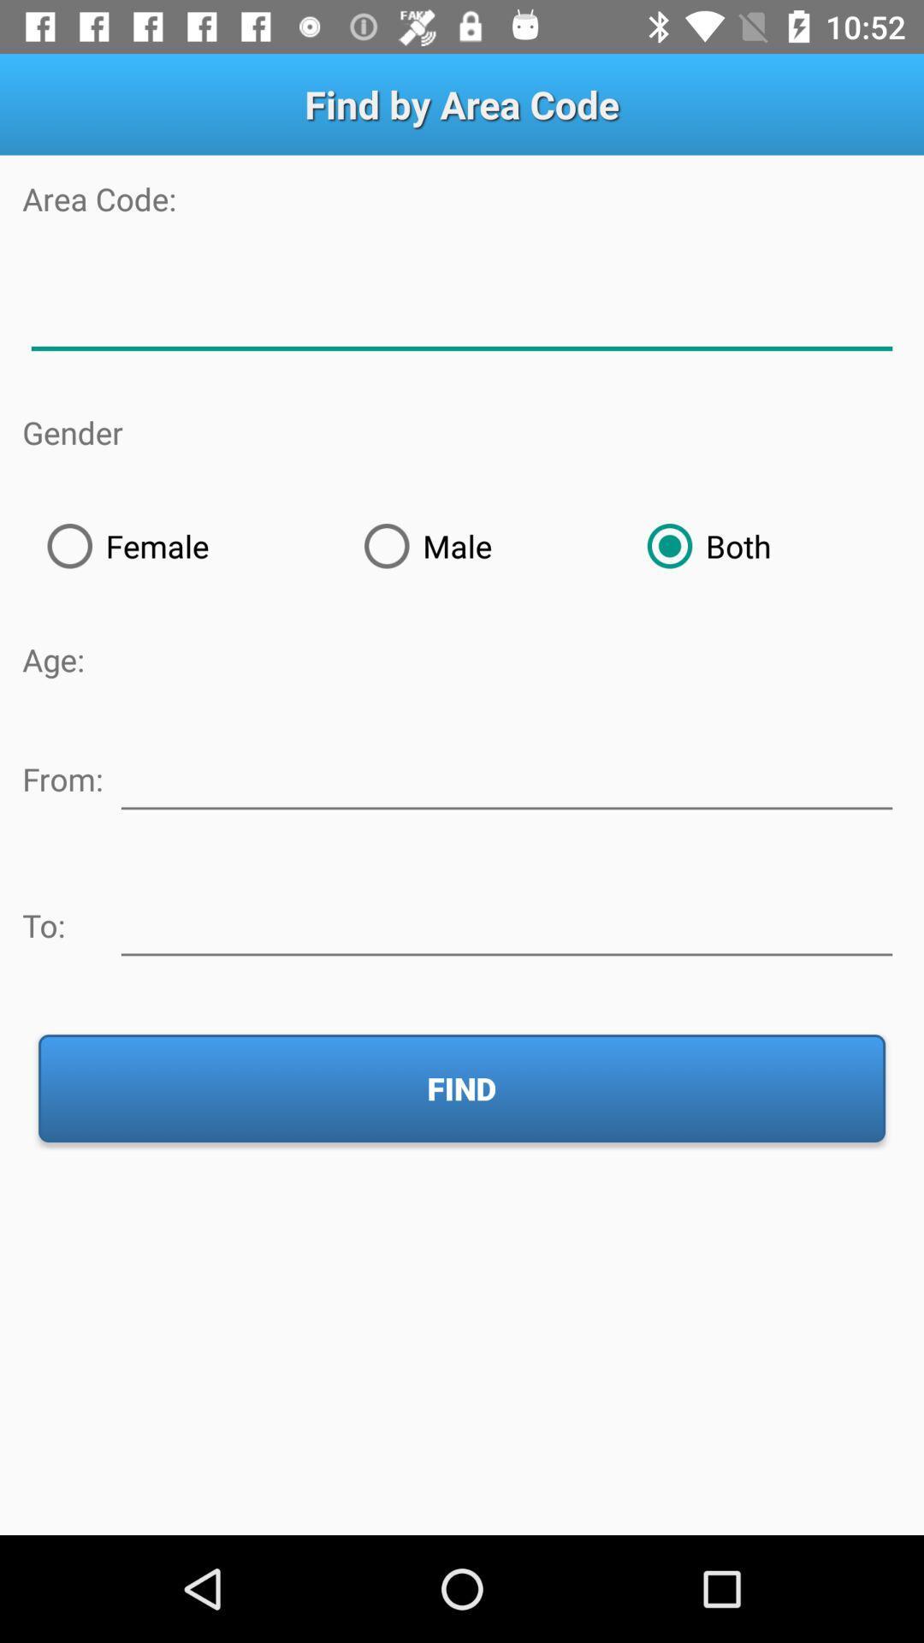  What do you see at coordinates (506, 775) in the screenshot?
I see `allows the user to type in where the person is from` at bounding box center [506, 775].